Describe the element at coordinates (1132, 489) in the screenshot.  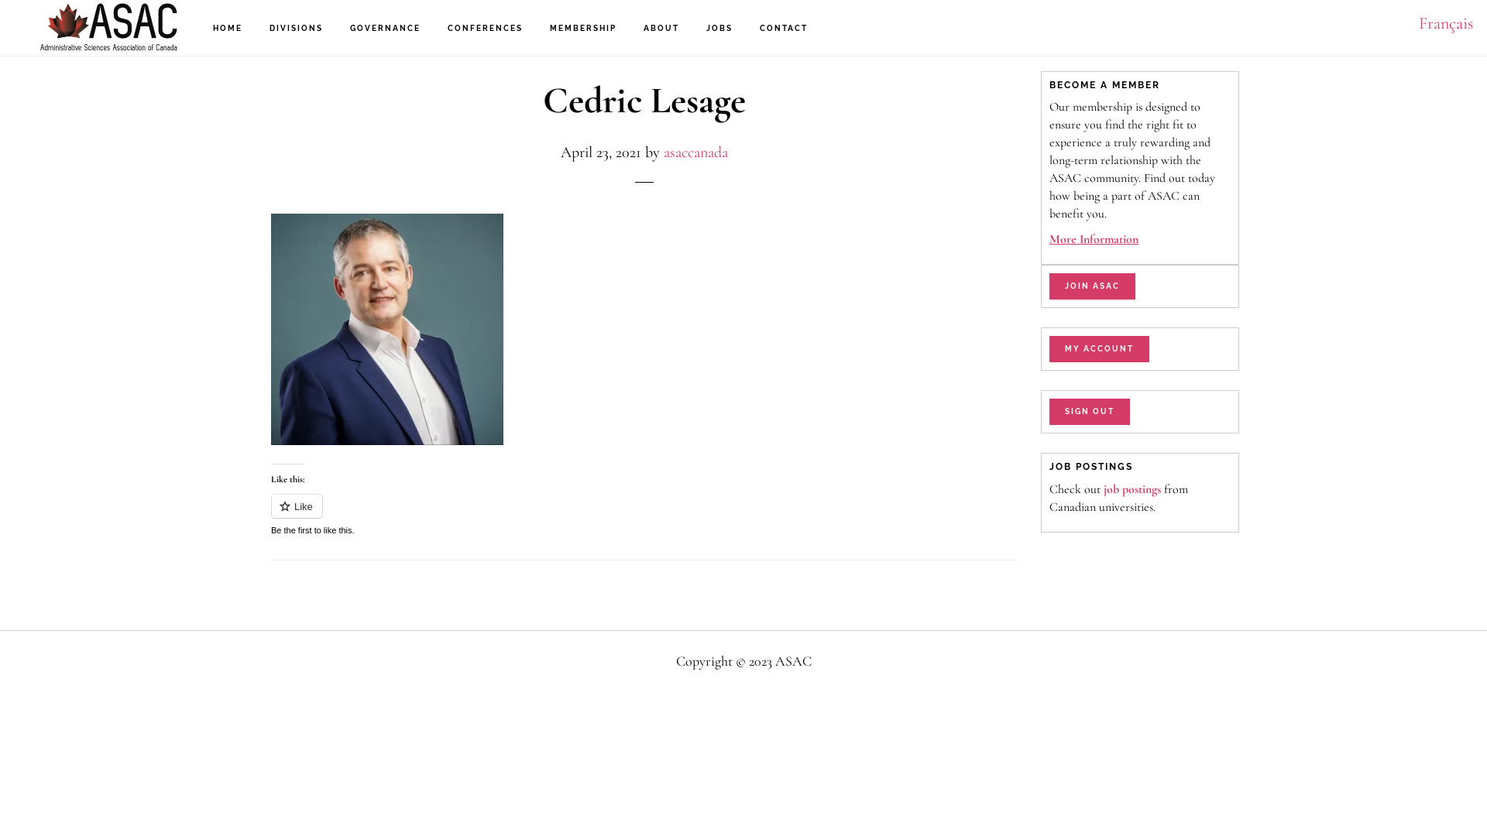
I see `'job postings'` at that location.